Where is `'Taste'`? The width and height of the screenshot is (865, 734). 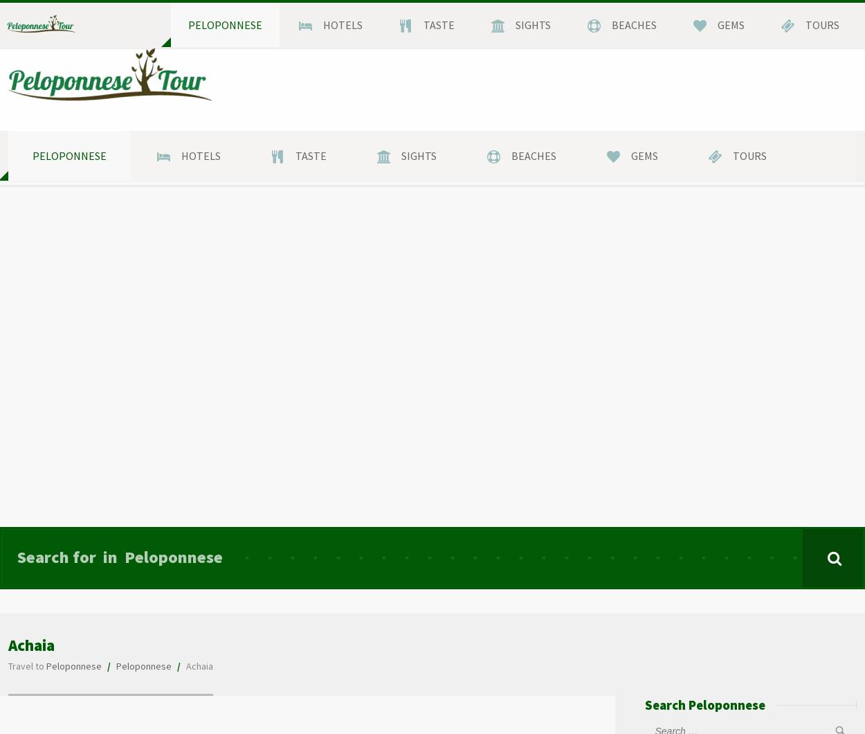 'Taste' is located at coordinates (295, 155).